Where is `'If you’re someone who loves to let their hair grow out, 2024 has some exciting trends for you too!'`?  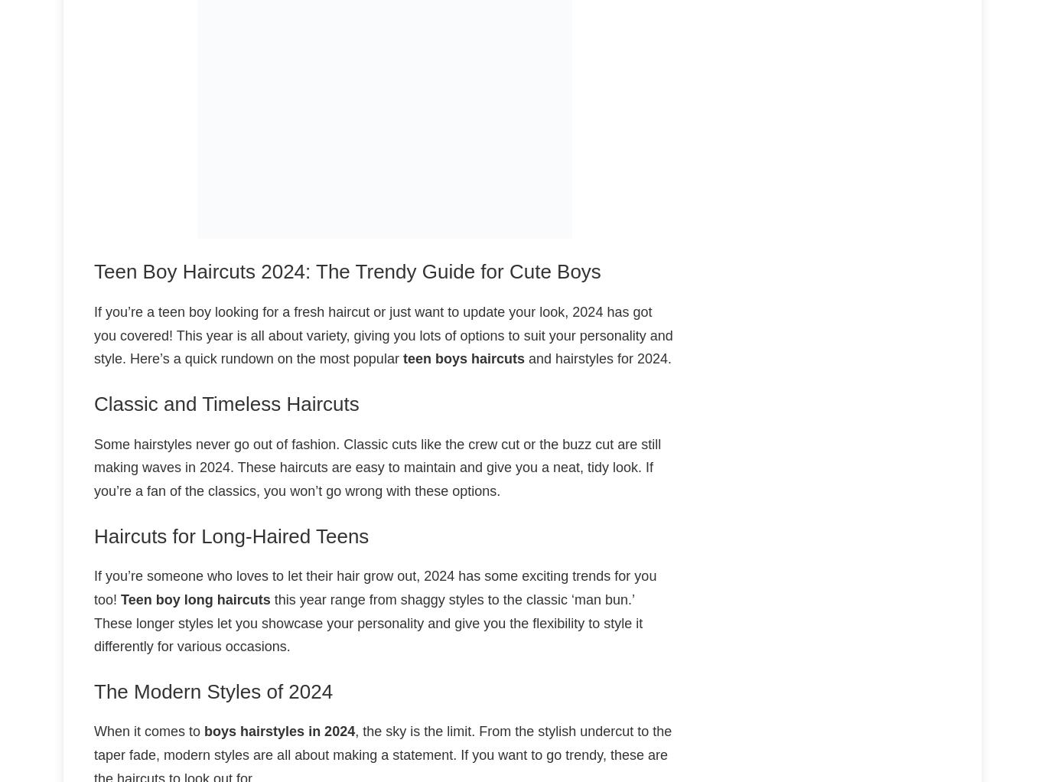 'If you’re someone who loves to let their hair grow out, 2024 has some exciting trends for you too!' is located at coordinates (375, 588).